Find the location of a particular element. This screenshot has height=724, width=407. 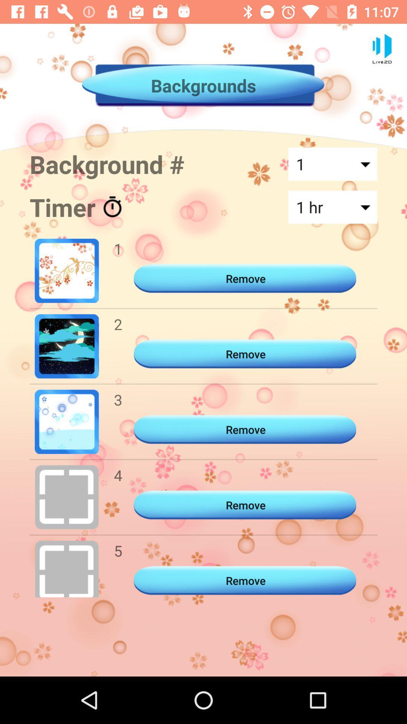

4 item is located at coordinates (118, 475).